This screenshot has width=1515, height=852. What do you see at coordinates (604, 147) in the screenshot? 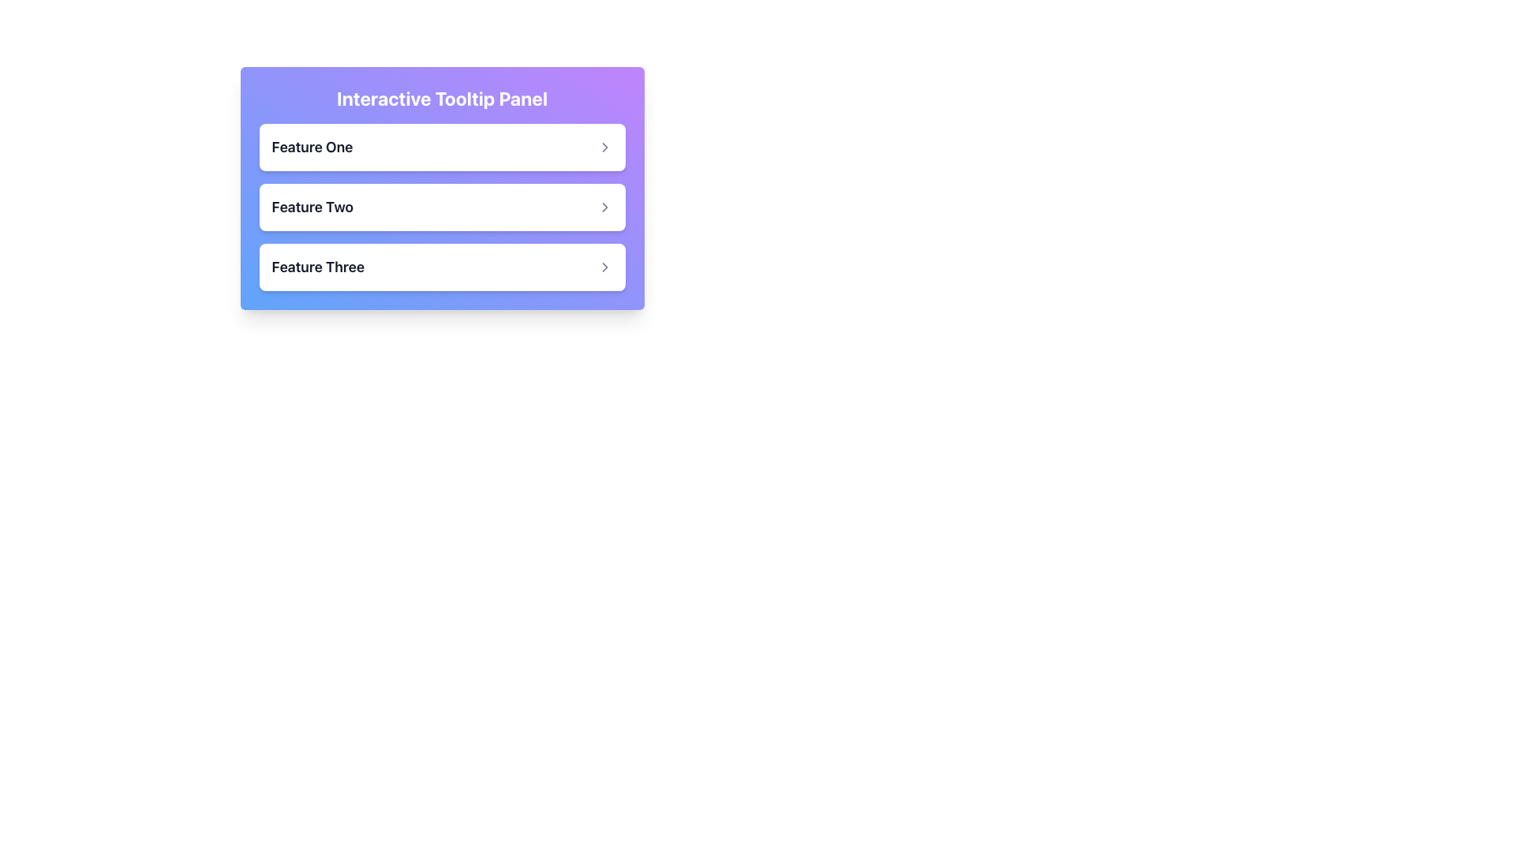
I see `the icon located within the interactive tooltip panel to the right of the 'Feature One' text label, which may reveal a tooltip or change its appearance` at bounding box center [604, 147].